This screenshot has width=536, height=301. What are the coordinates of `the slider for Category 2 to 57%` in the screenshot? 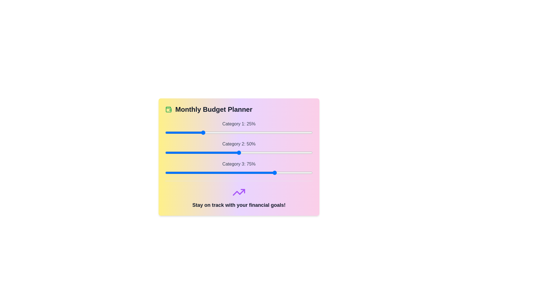 It's located at (249, 152).